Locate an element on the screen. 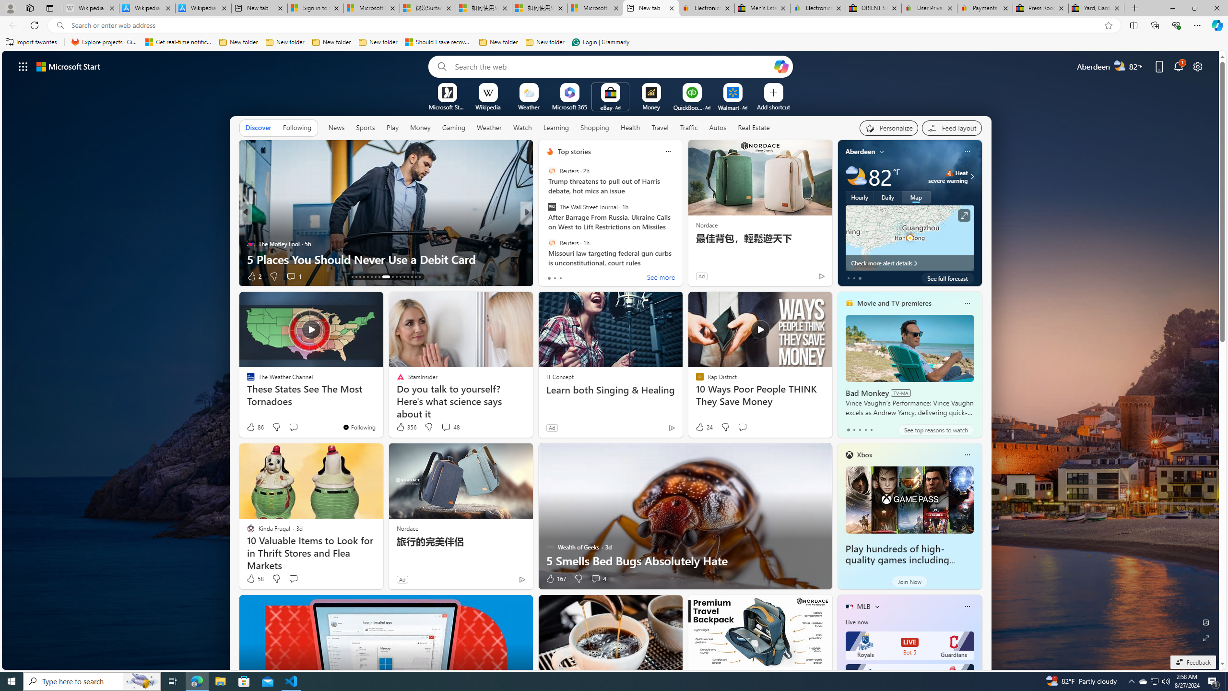  'AutomationID: tab-15' is located at coordinates (360, 277).